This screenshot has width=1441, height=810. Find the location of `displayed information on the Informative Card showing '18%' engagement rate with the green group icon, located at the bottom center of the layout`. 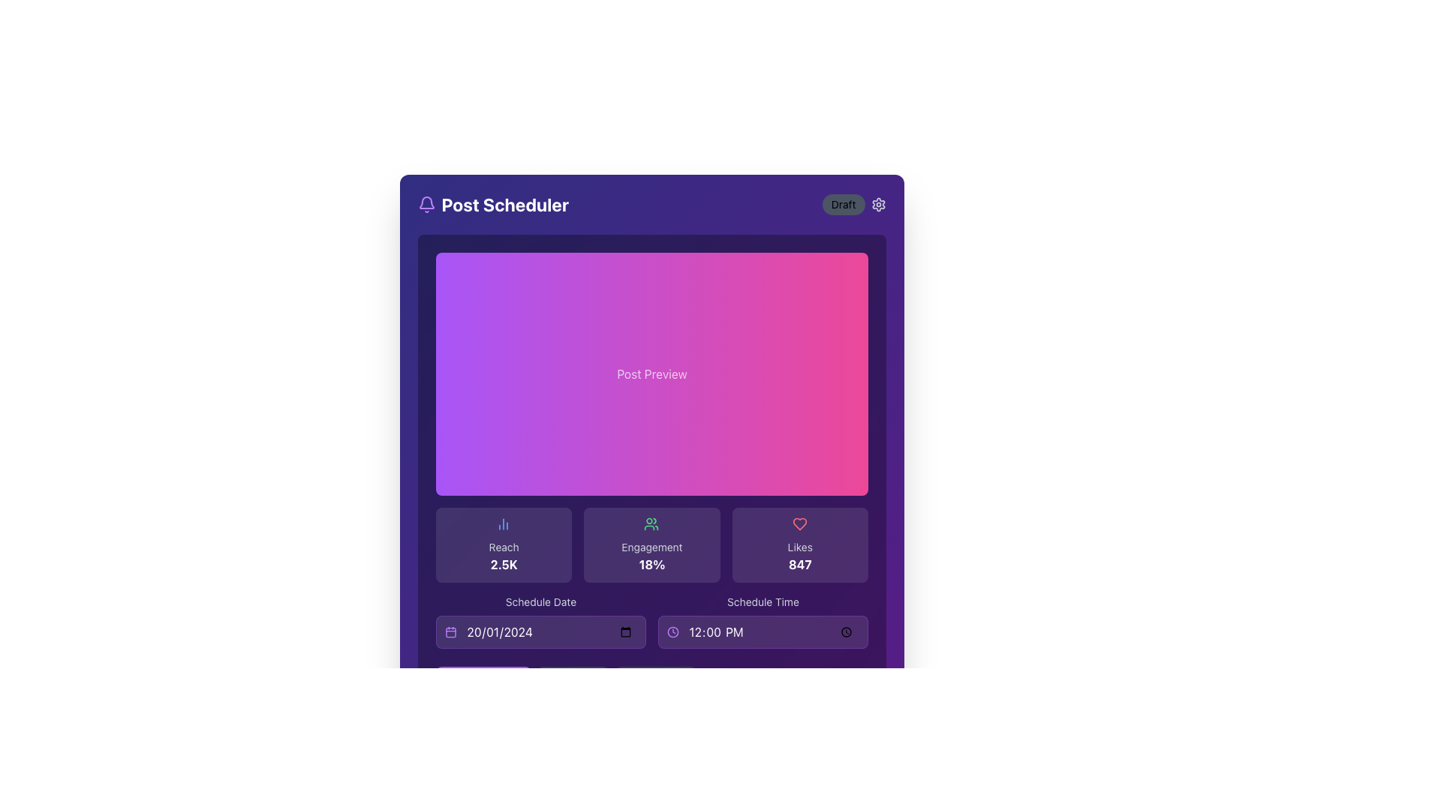

displayed information on the Informative Card showing '18%' engagement rate with the green group icon, located at the bottom center of the layout is located at coordinates (651, 544).